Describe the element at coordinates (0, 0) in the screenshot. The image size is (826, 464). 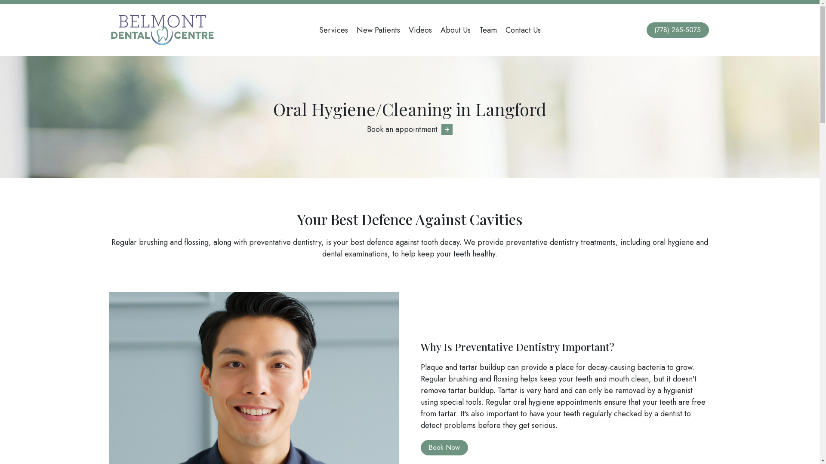
I see `'Skip to main content'` at that location.